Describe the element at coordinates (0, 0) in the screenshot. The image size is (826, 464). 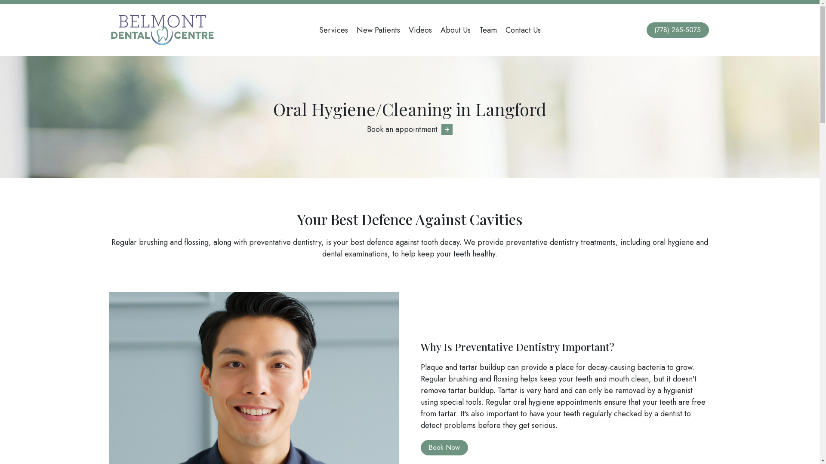
I see `'Skip to main content'` at that location.